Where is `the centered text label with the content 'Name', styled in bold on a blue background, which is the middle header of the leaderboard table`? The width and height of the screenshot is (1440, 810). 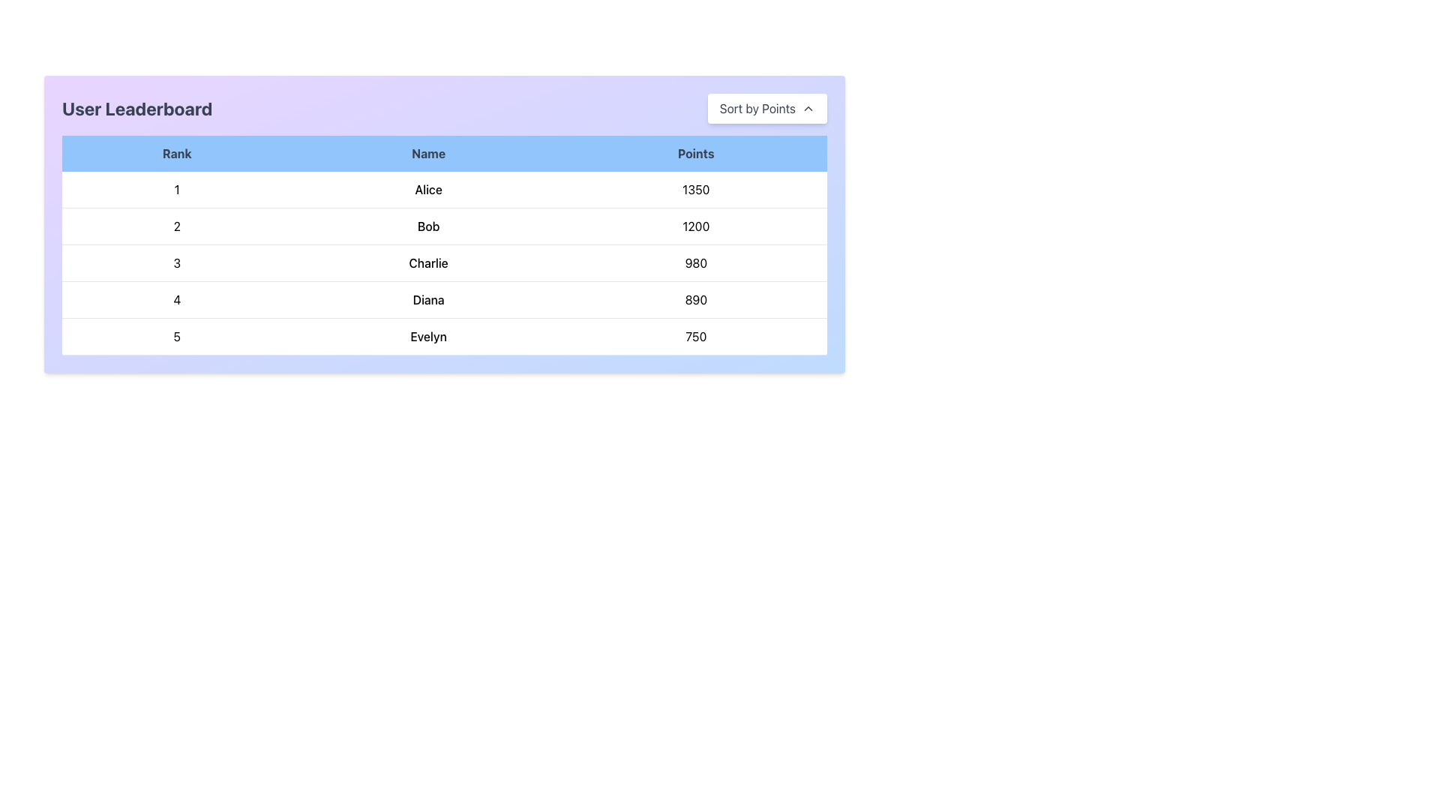 the centered text label with the content 'Name', styled in bold on a blue background, which is the middle header of the leaderboard table is located at coordinates (427, 153).